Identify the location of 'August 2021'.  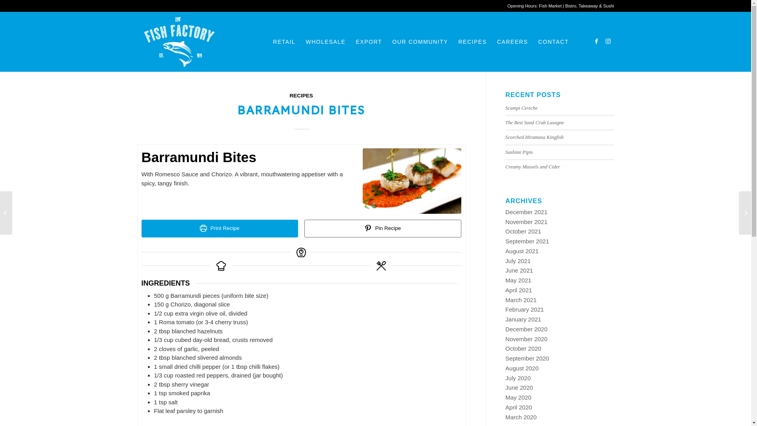
(522, 251).